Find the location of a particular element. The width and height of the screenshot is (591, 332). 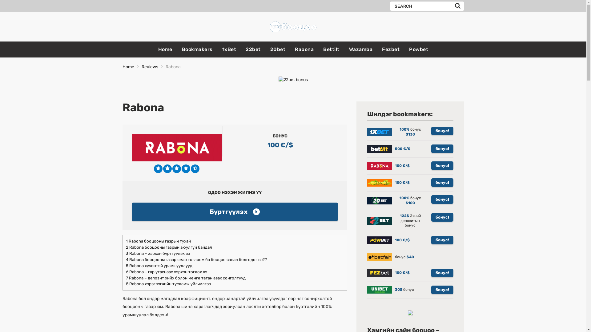

'1xBet' is located at coordinates (229, 49).